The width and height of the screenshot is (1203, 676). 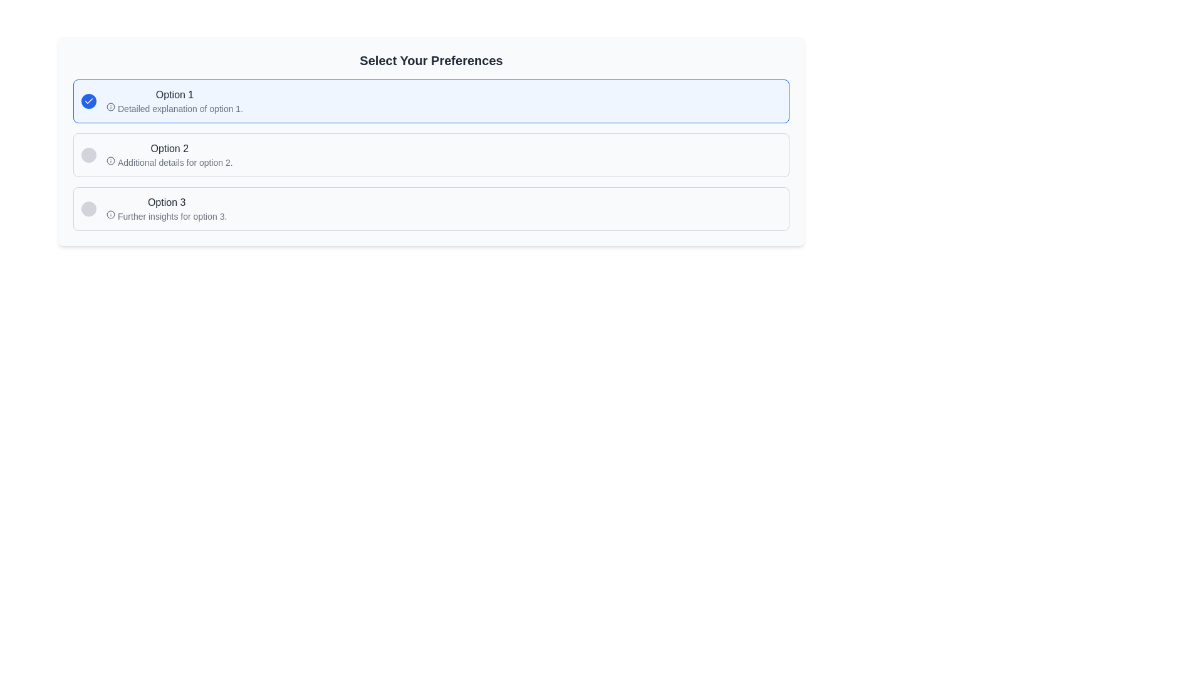 What do you see at coordinates (166, 202) in the screenshot?
I see `the text label that serves as the title for the third option in the selectable list, located above the supplementary details for 'Option 3'` at bounding box center [166, 202].